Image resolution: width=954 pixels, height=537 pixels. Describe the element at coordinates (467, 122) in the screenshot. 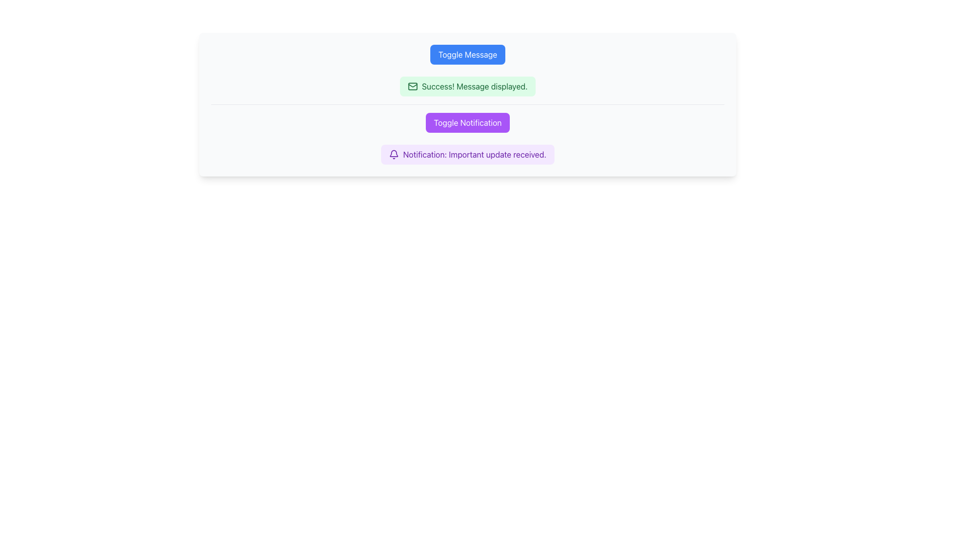

I see `the notification toggle button located beneath the 'Toggle Message' section` at that location.